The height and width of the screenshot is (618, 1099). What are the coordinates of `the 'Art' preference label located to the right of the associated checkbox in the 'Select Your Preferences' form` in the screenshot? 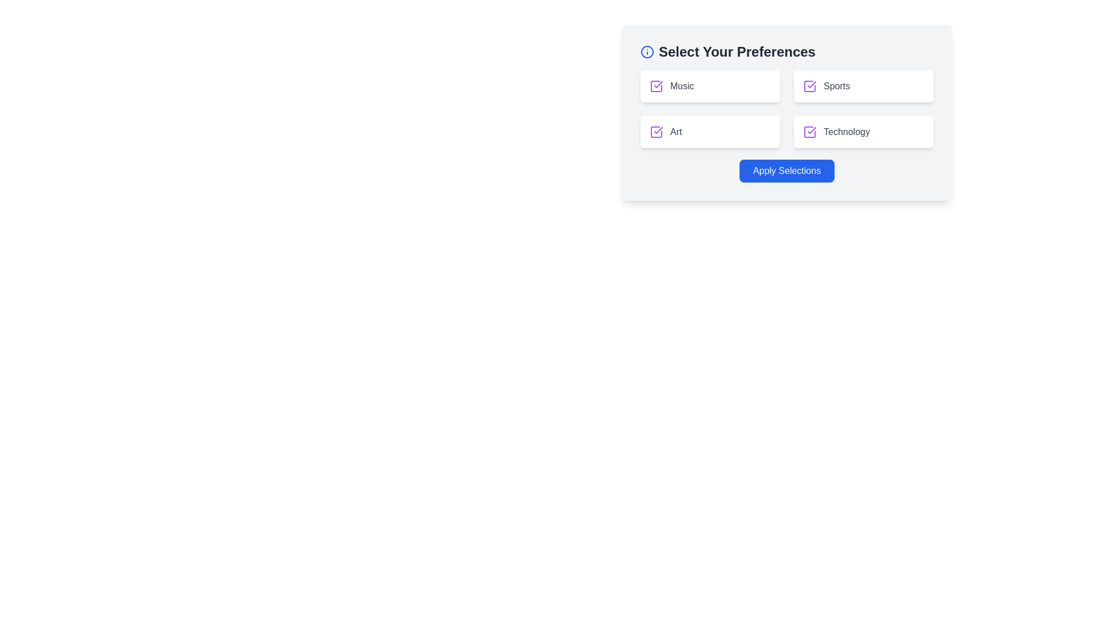 It's located at (676, 132).